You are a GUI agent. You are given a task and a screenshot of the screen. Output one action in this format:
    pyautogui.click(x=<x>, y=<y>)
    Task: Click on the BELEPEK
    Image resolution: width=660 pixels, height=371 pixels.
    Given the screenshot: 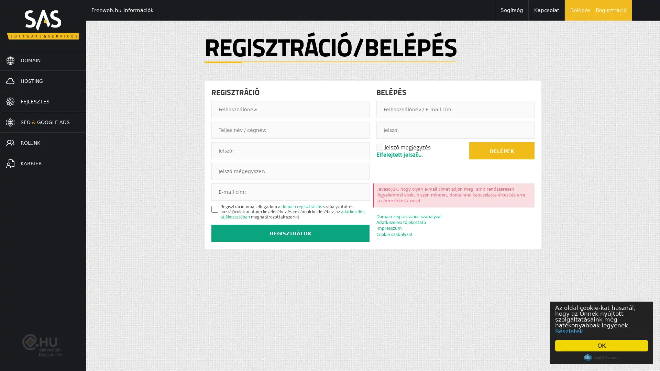 What is the action you would take?
    pyautogui.click(x=502, y=150)
    